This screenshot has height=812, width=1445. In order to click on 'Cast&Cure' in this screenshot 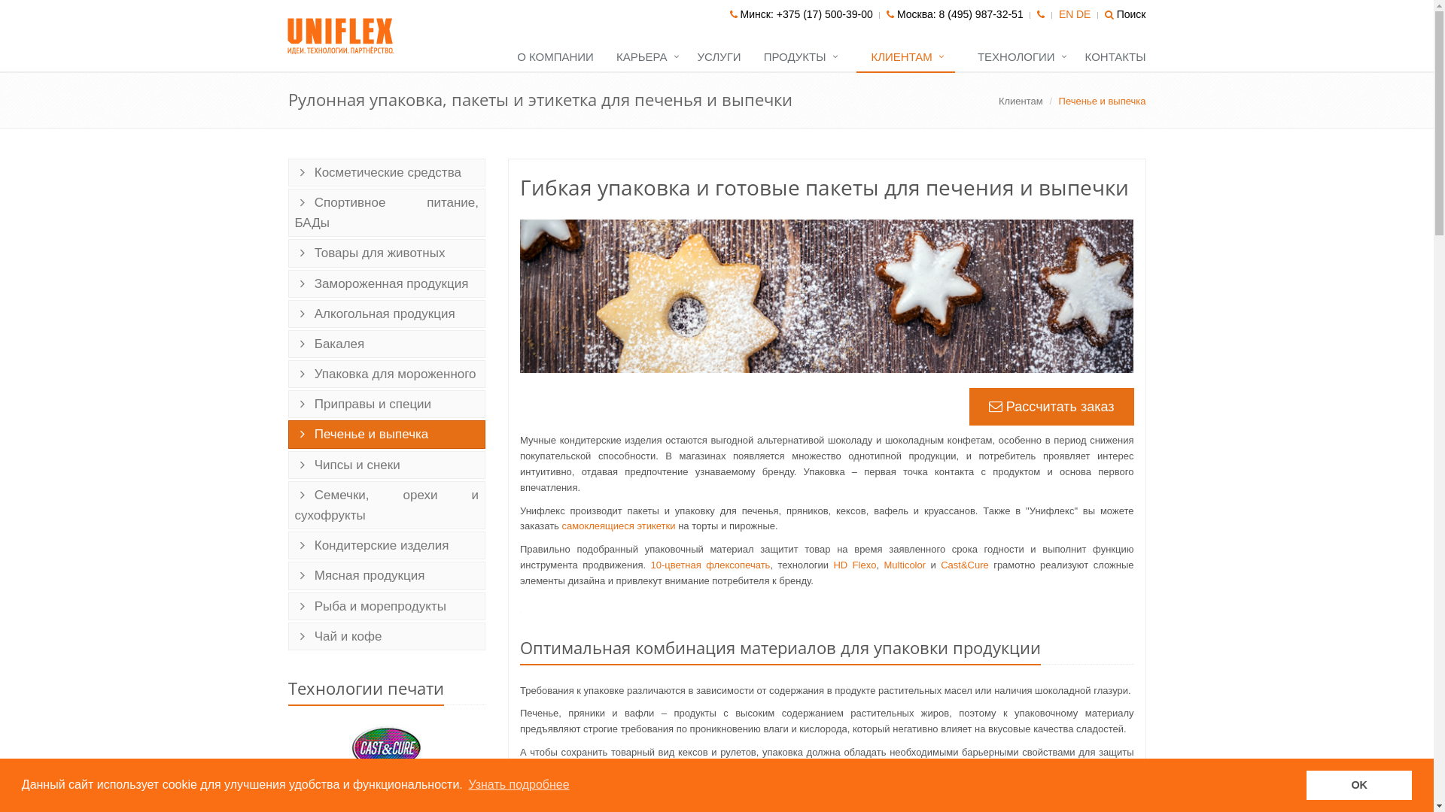, I will do `click(964, 565)`.